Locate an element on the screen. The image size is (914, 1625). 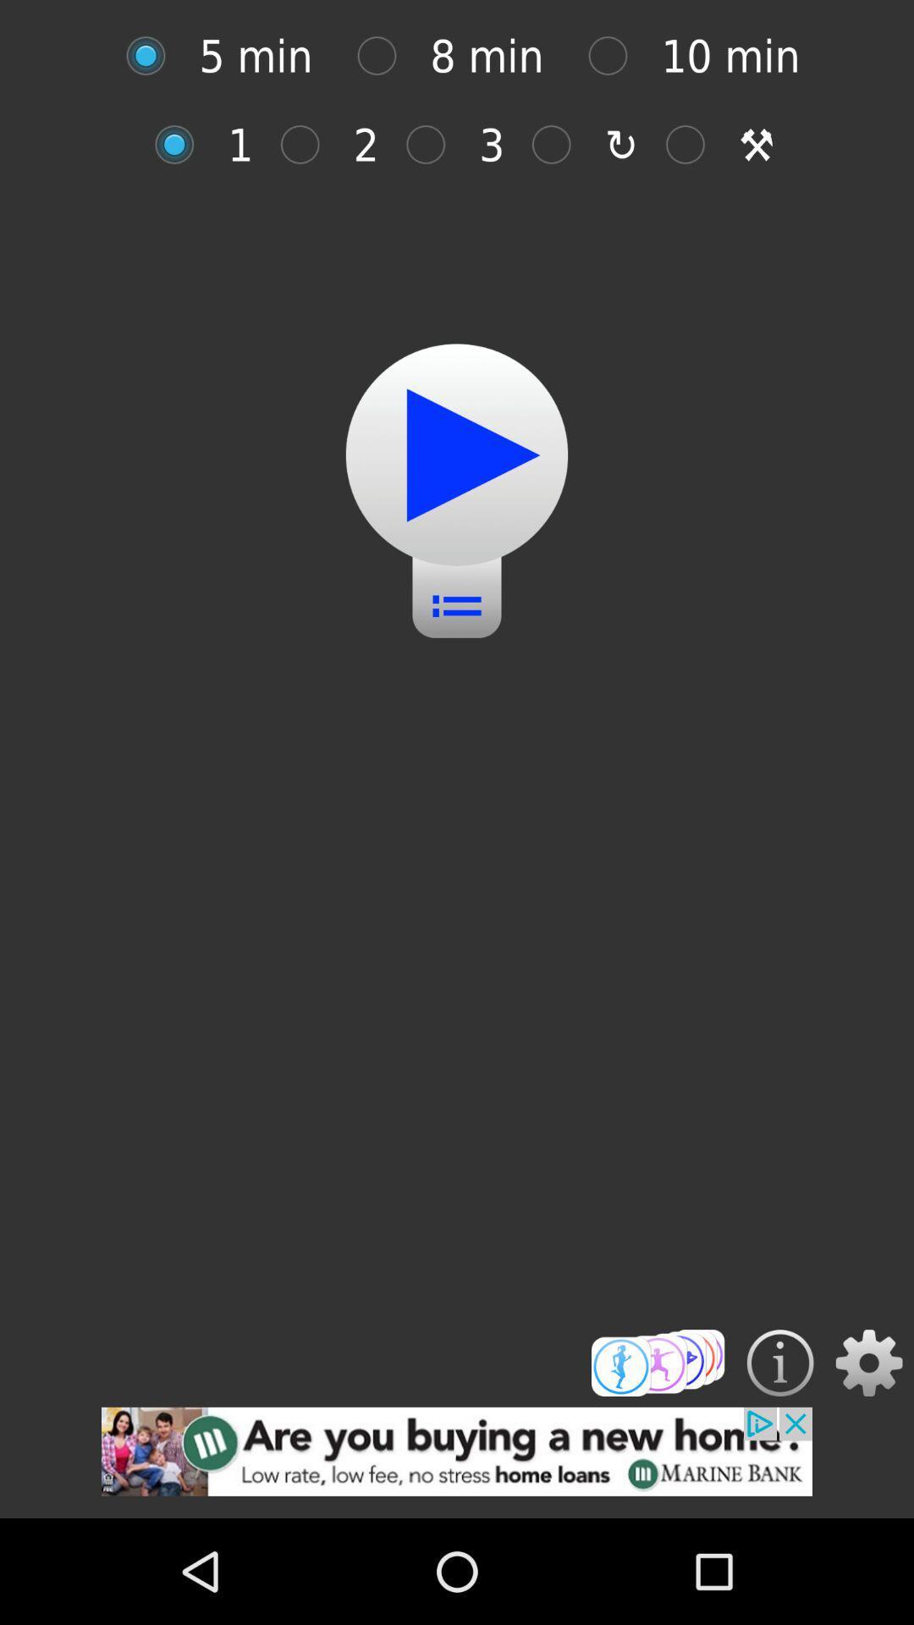
add is located at coordinates (457, 1462).